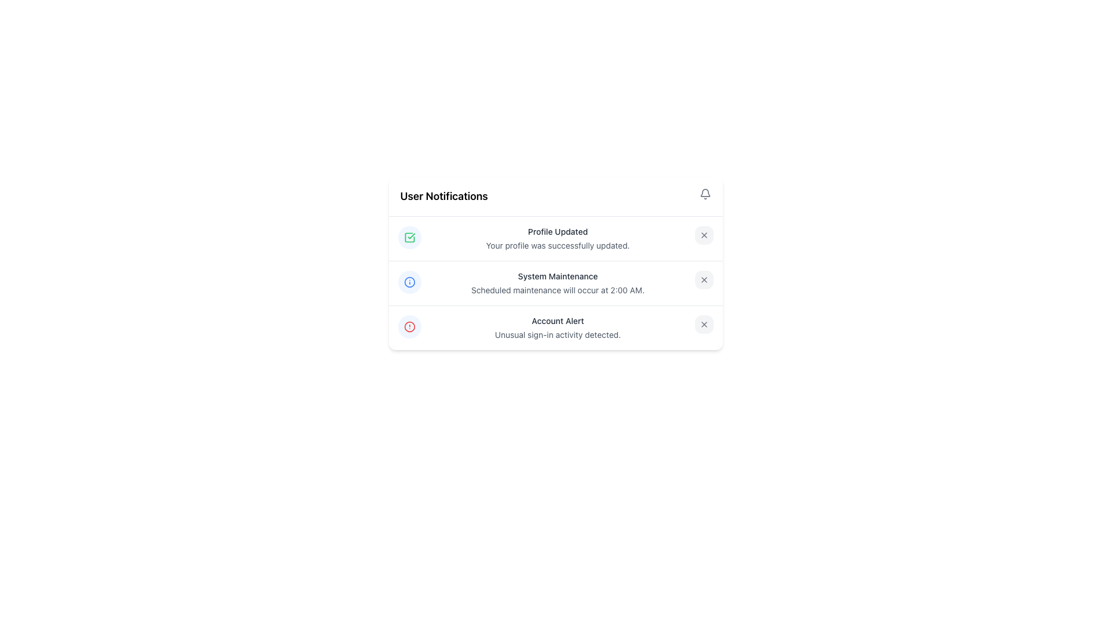  Describe the element at coordinates (558, 290) in the screenshot. I see `the text label that states 'Scheduled maintenance will occur at 2:00 AM.' located within the notification card for 'System Maintenance'` at that location.